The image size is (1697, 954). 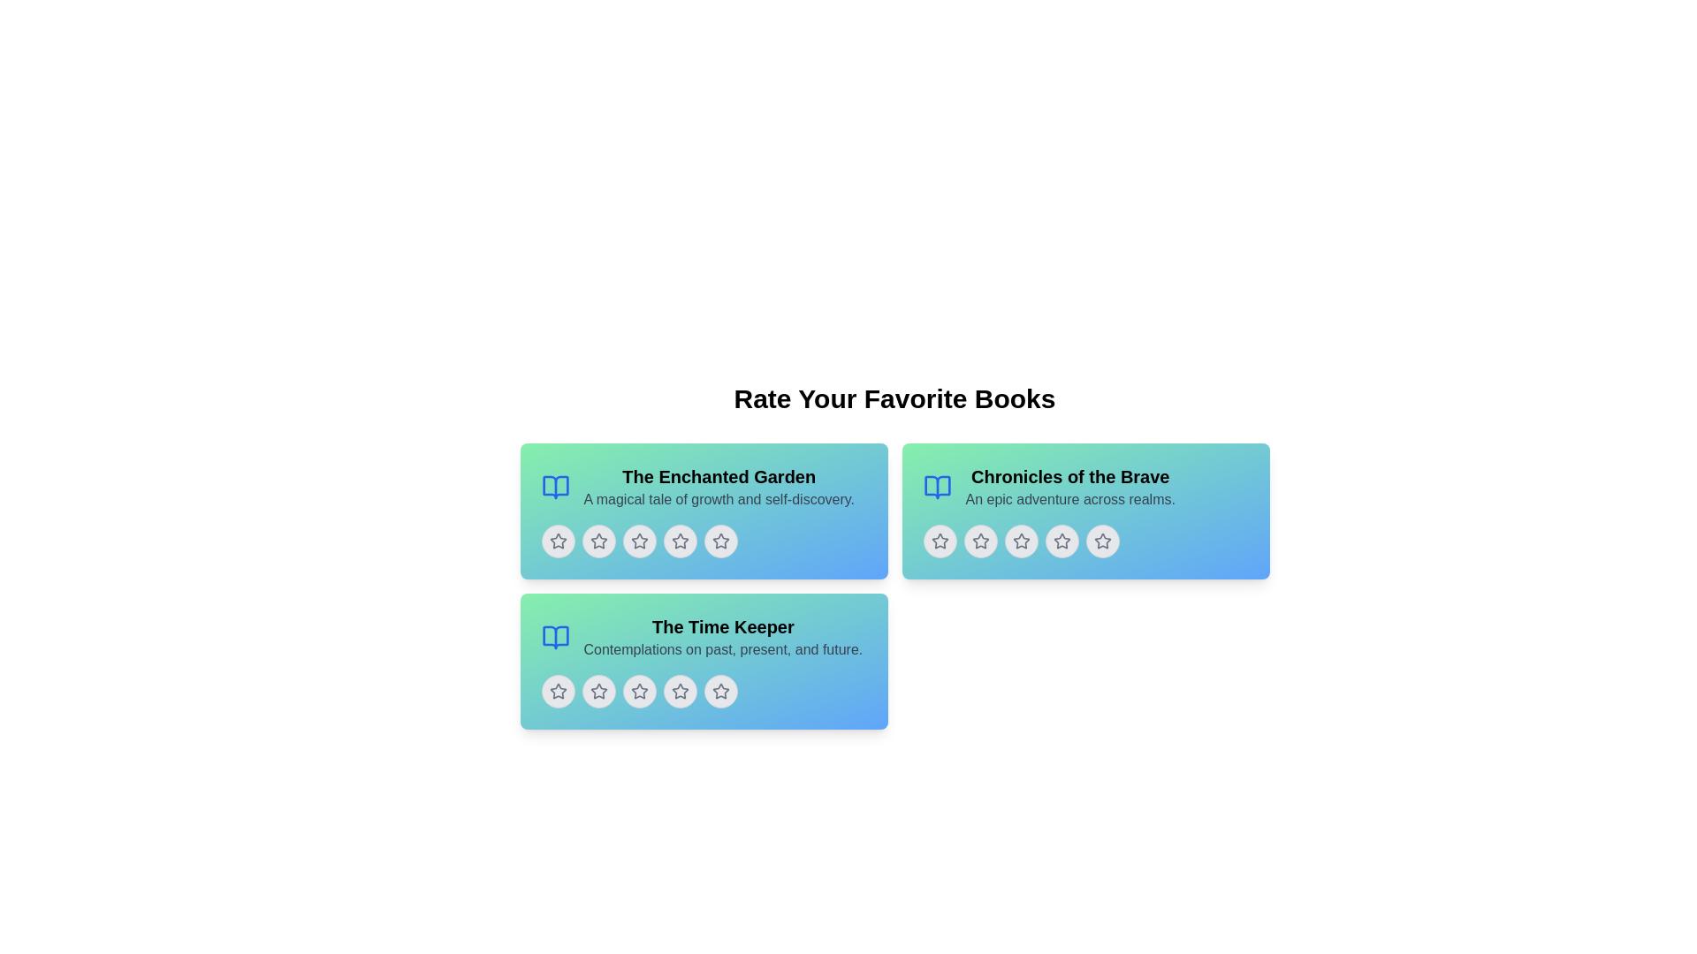 What do you see at coordinates (979, 541) in the screenshot?
I see `the first star rating icon in the second card titled 'Chronicles of the Brave' for additional interaction` at bounding box center [979, 541].